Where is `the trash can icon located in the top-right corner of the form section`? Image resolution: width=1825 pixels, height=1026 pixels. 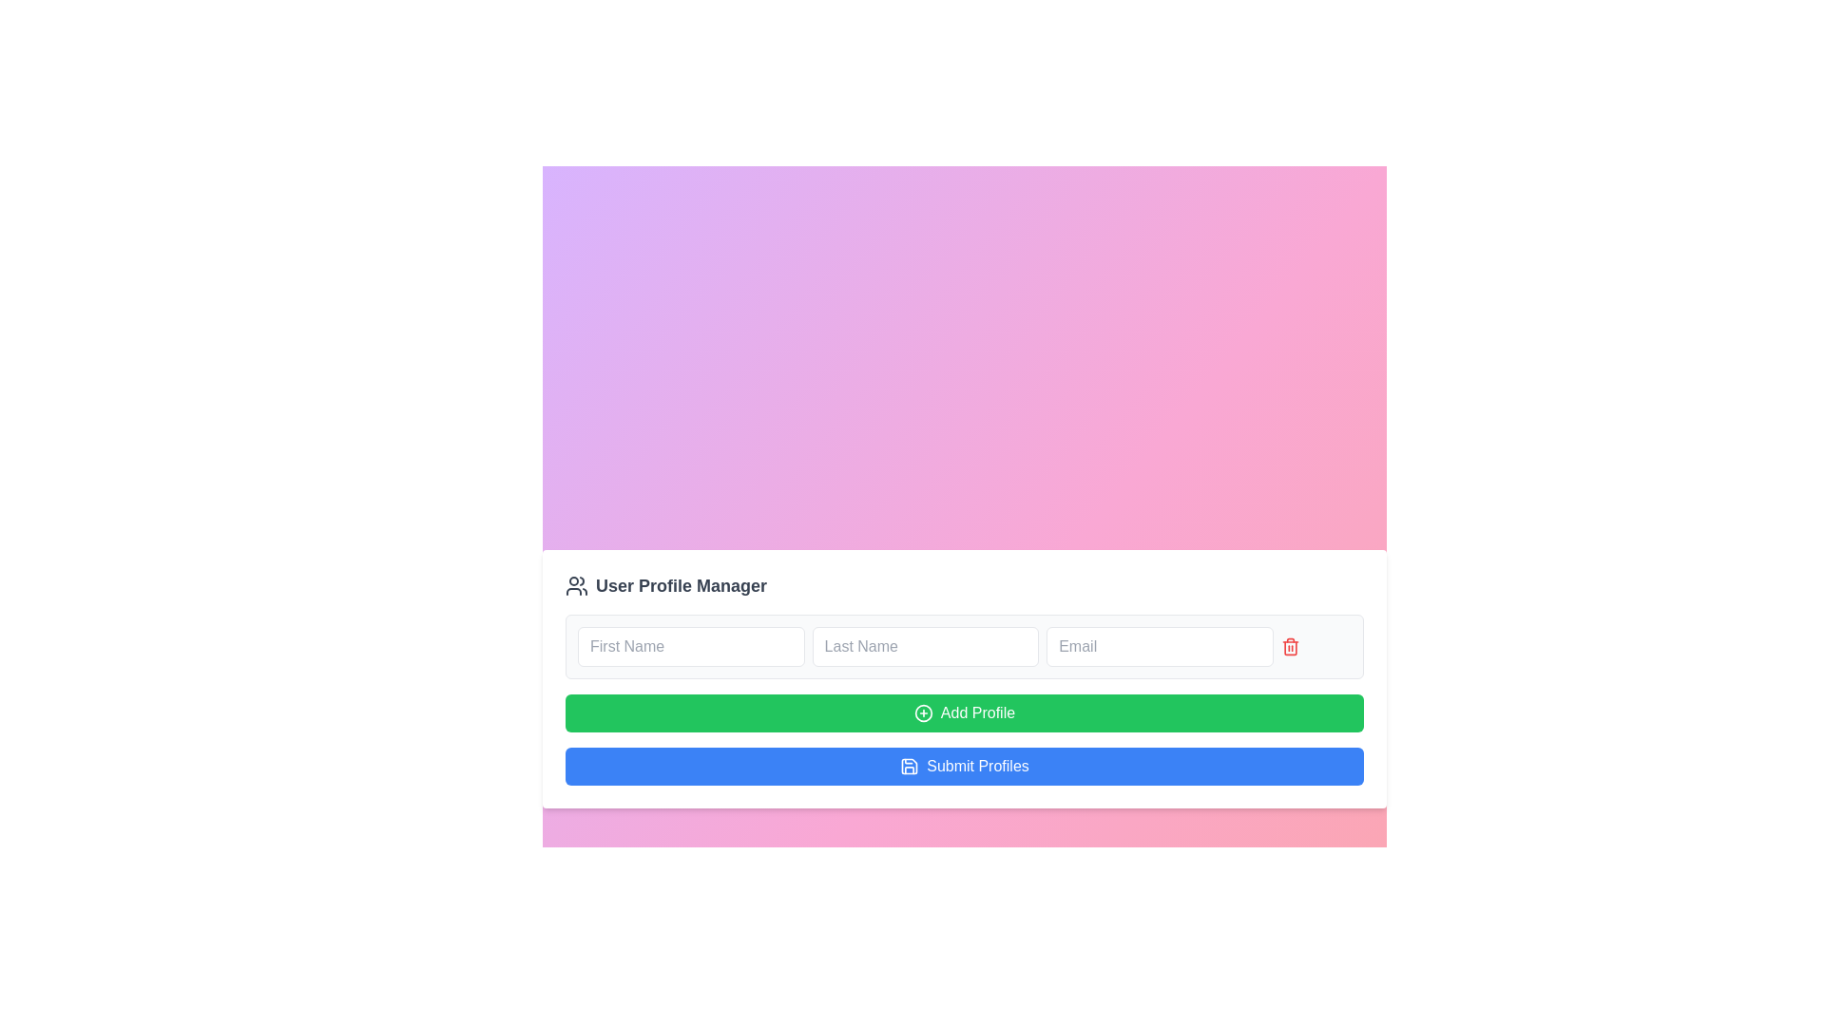
the trash can icon located in the top-right corner of the form section is located at coordinates (1290, 647).